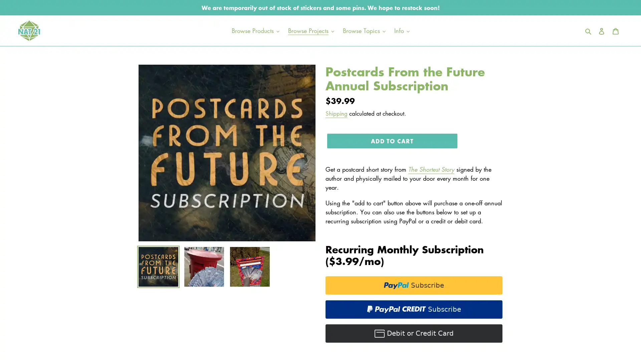 The height and width of the screenshot is (360, 641). What do you see at coordinates (310, 30) in the screenshot?
I see `Browse Projects` at bounding box center [310, 30].